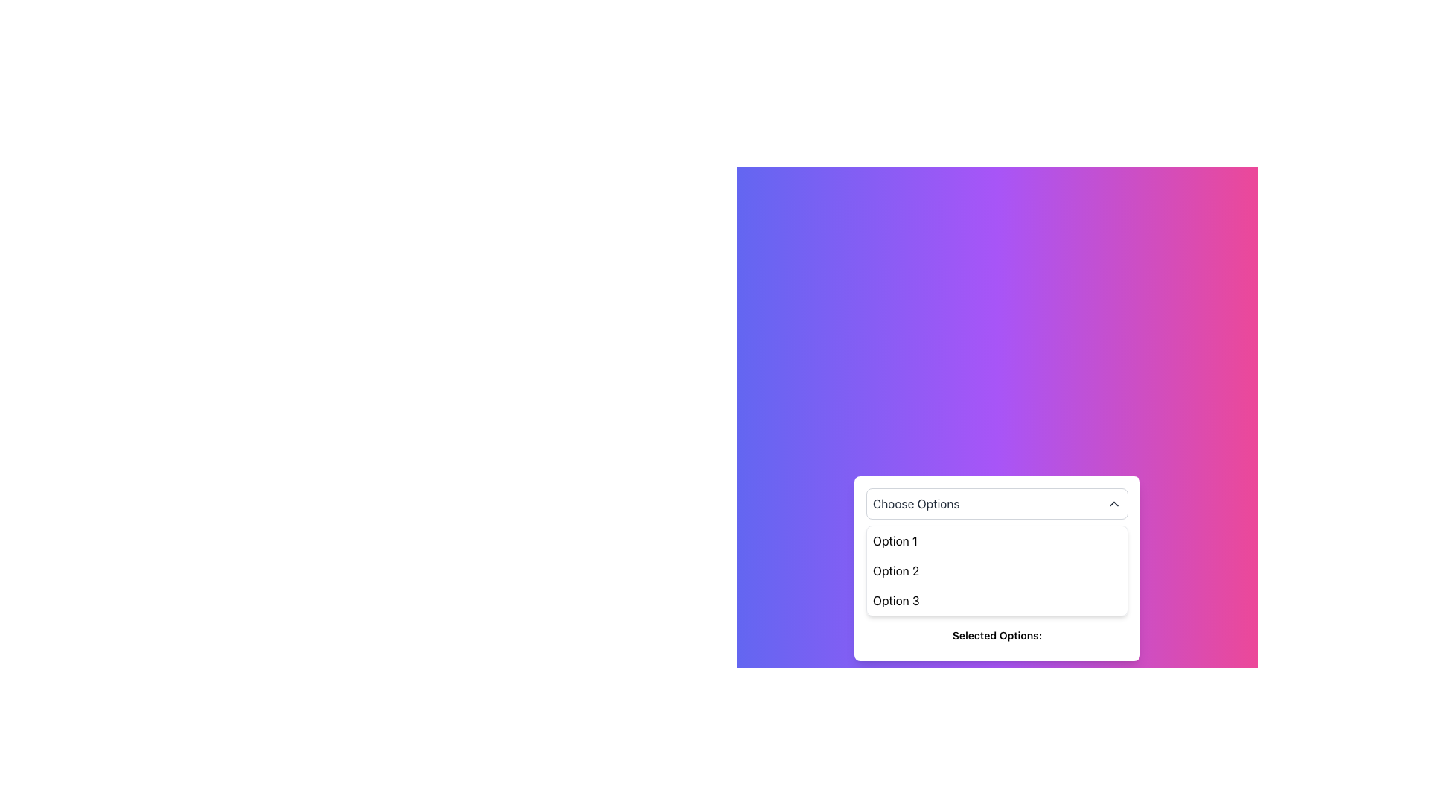 This screenshot has height=804, width=1429. Describe the element at coordinates (895, 599) in the screenshot. I see `the third option 'Option 3' in the dropdown menu` at that location.